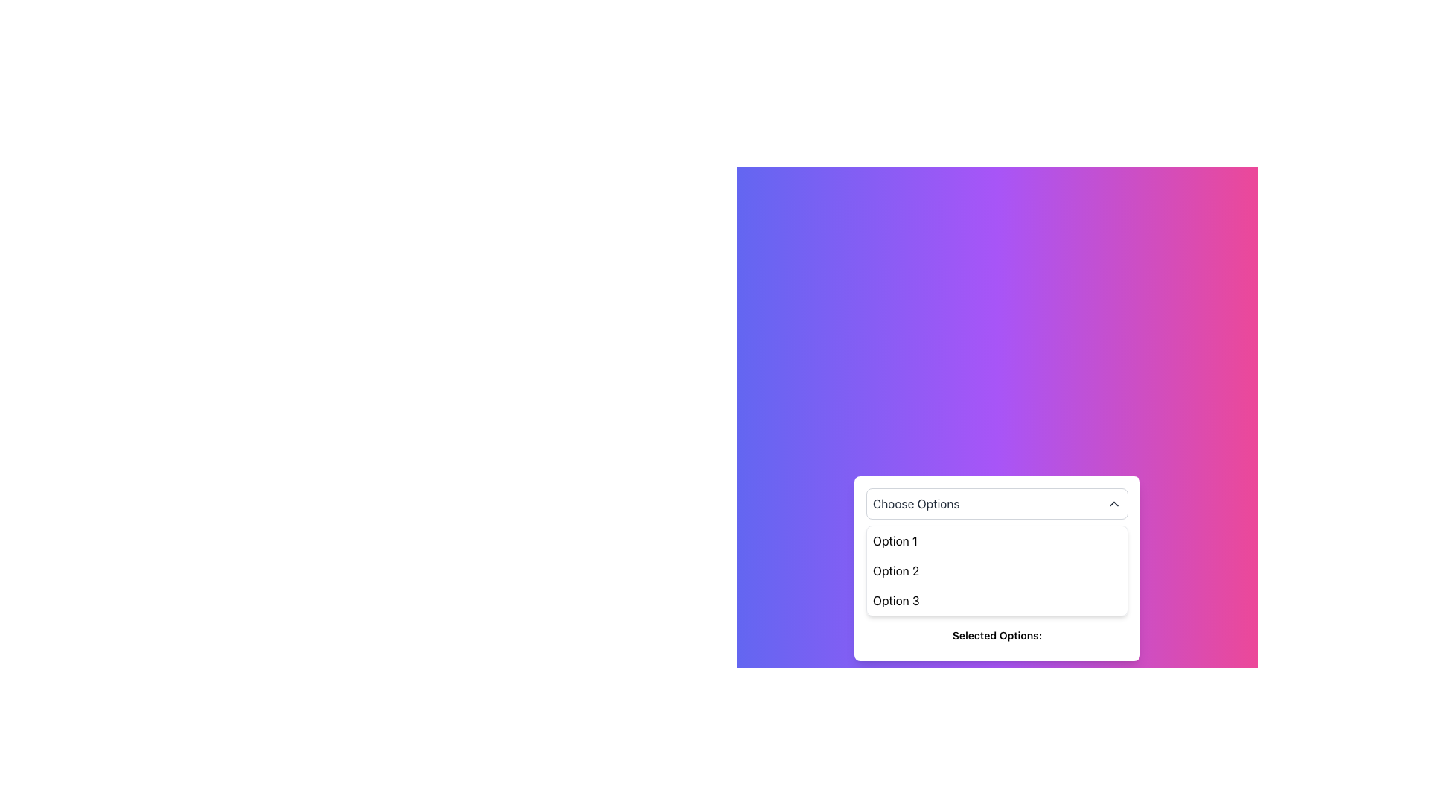 This screenshot has height=804, width=1429. Describe the element at coordinates (895, 599) in the screenshot. I see `the third option 'Option 3' in the dropdown menu` at that location.